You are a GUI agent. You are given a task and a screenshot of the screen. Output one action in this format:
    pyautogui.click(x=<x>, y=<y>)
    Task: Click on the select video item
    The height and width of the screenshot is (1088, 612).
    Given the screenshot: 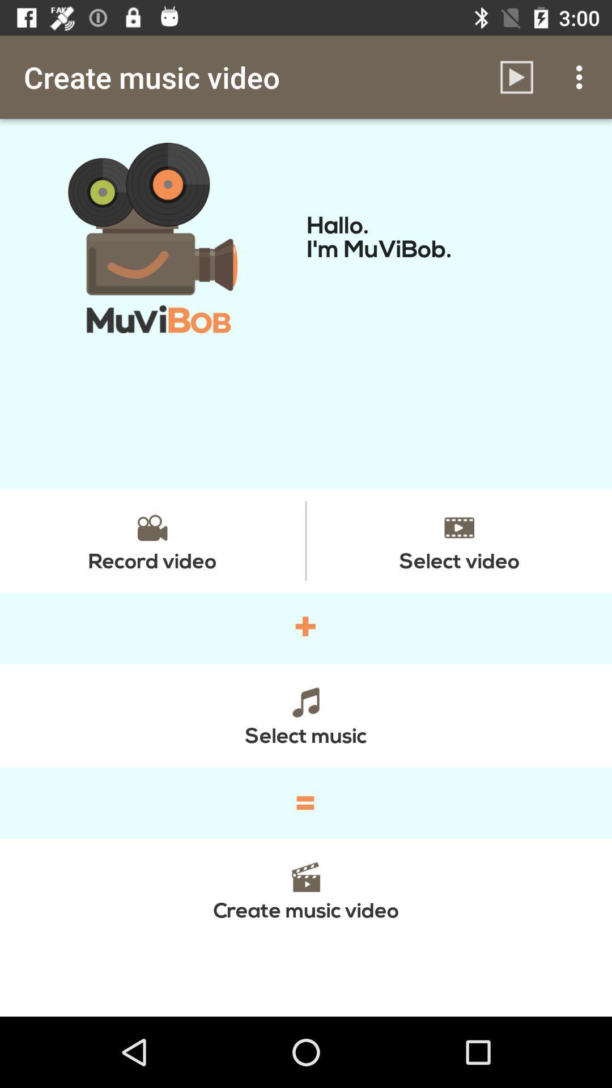 What is the action you would take?
    pyautogui.click(x=459, y=540)
    